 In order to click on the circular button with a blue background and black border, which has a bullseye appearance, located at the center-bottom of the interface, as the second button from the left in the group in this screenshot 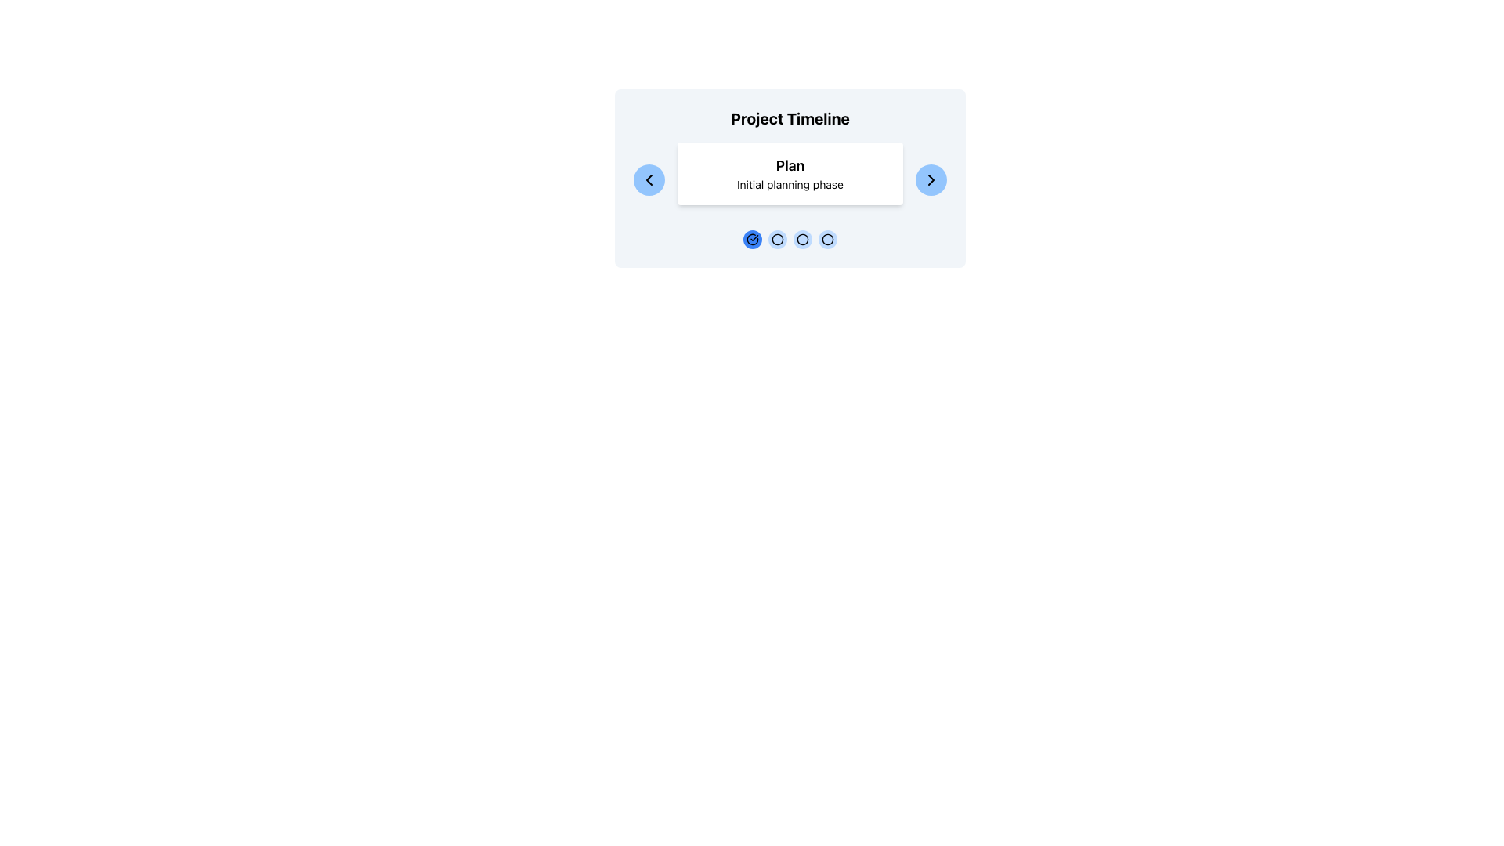, I will do `click(778, 239)`.